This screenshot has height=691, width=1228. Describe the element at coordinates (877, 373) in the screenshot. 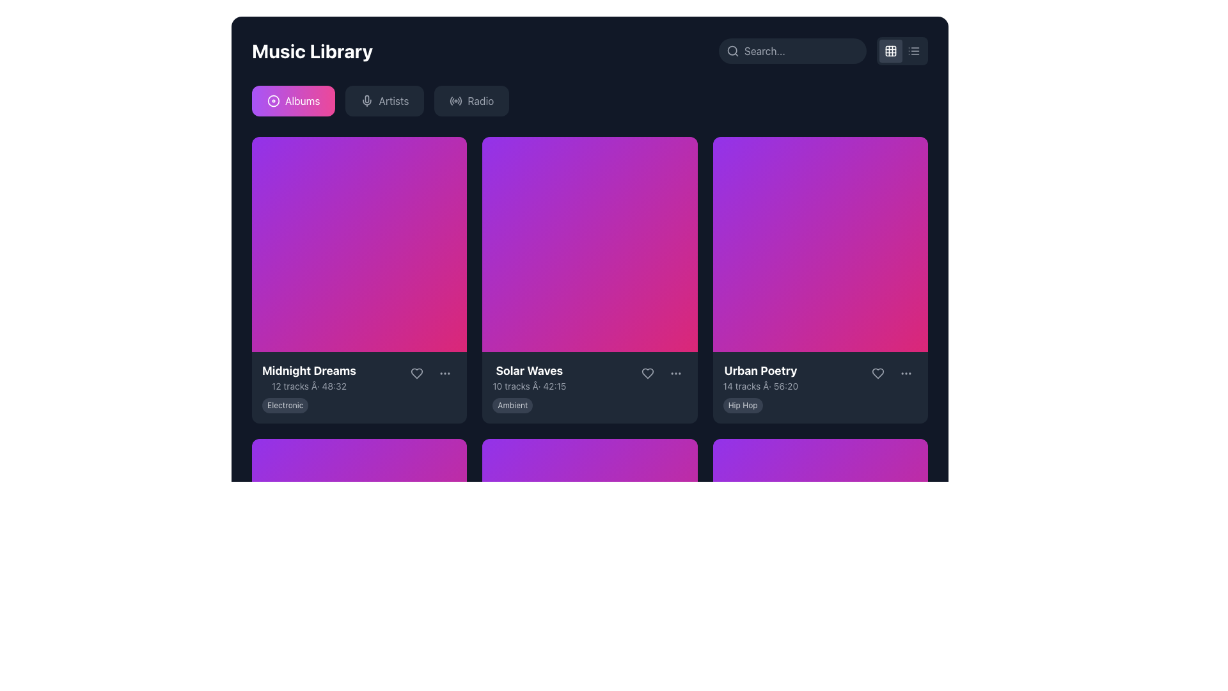

I see `the icon button located at the bottom right corner of the album card titled 'Urban Poetry'` at that location.